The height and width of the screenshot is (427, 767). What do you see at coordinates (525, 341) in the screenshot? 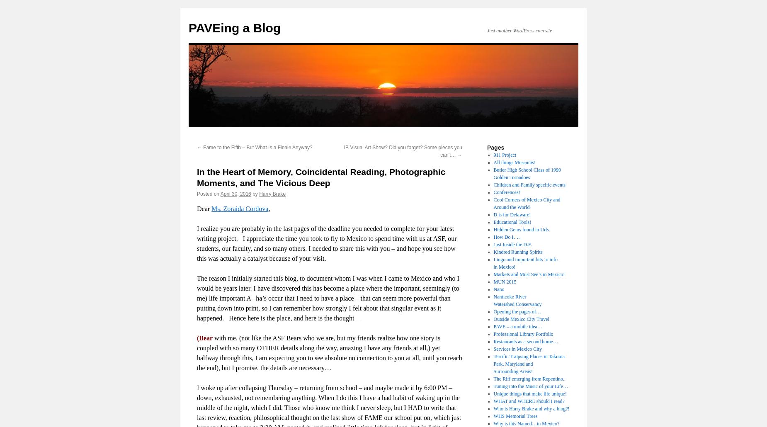
I see `'Restaurants as a second home…'` at bounding box center [525, 341].